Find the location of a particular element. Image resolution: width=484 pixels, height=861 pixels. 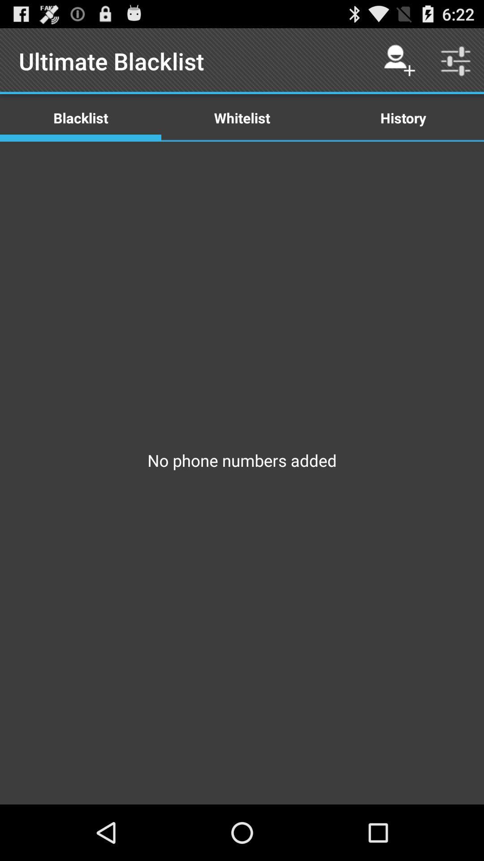

the item to the left of the history item is located at coordinates (242, 117).